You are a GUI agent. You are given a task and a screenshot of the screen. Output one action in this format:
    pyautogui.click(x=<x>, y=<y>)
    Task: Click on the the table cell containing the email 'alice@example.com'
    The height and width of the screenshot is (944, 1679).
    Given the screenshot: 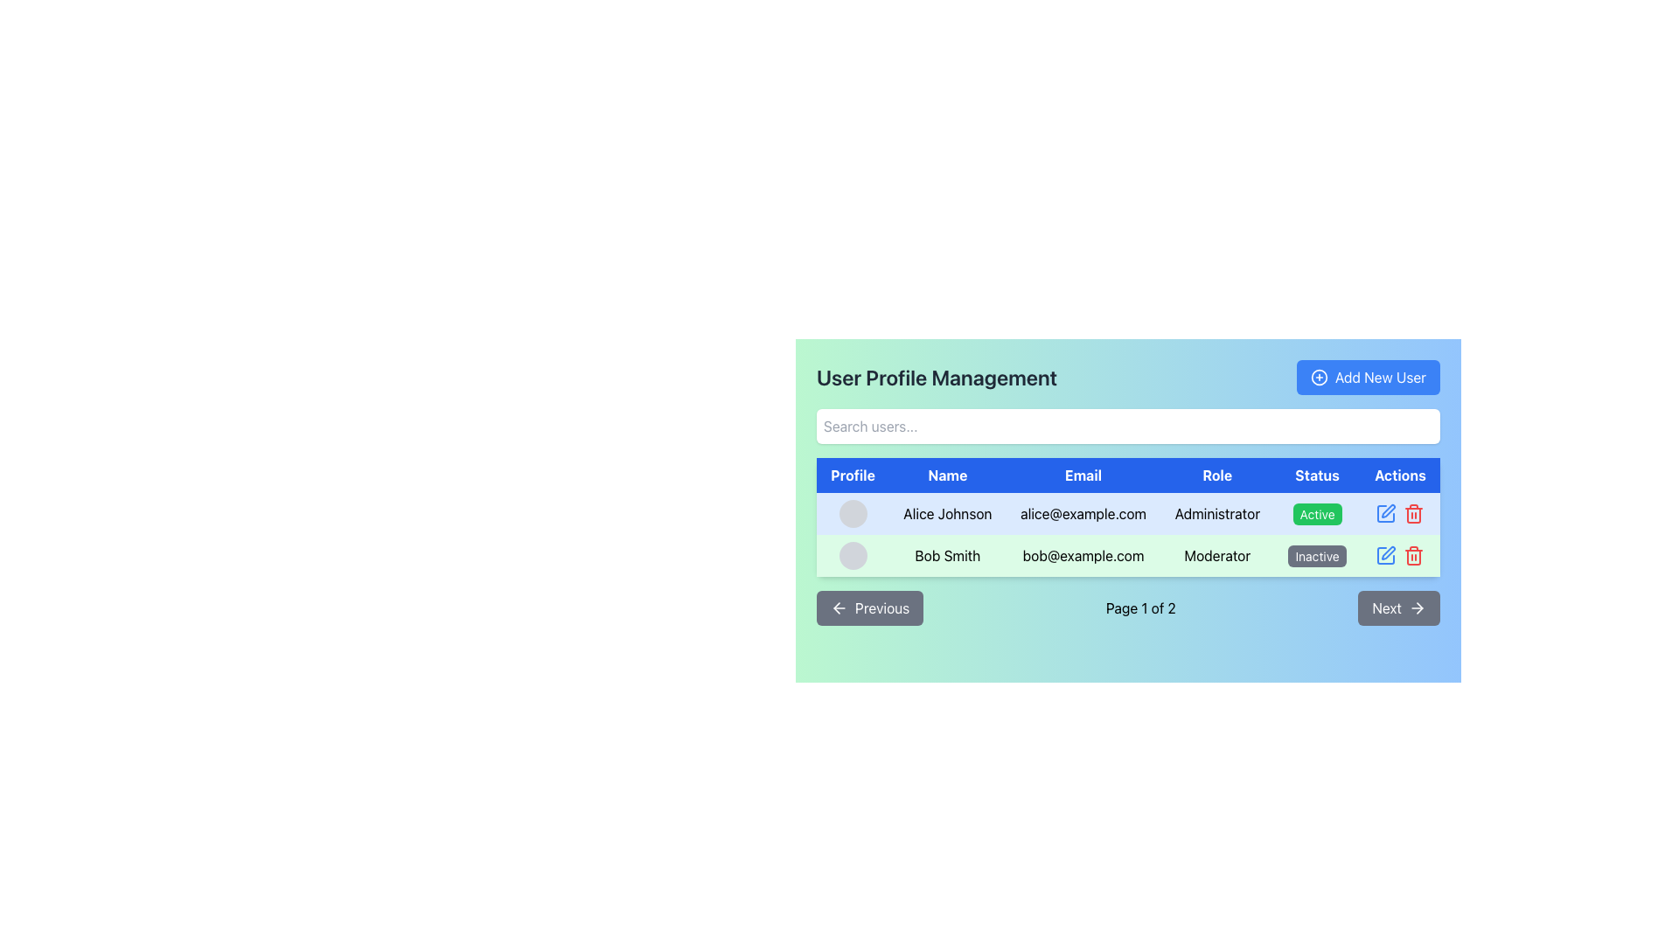 What is the action you would take?
    pyautogui.click(x=1128, y=500)
    